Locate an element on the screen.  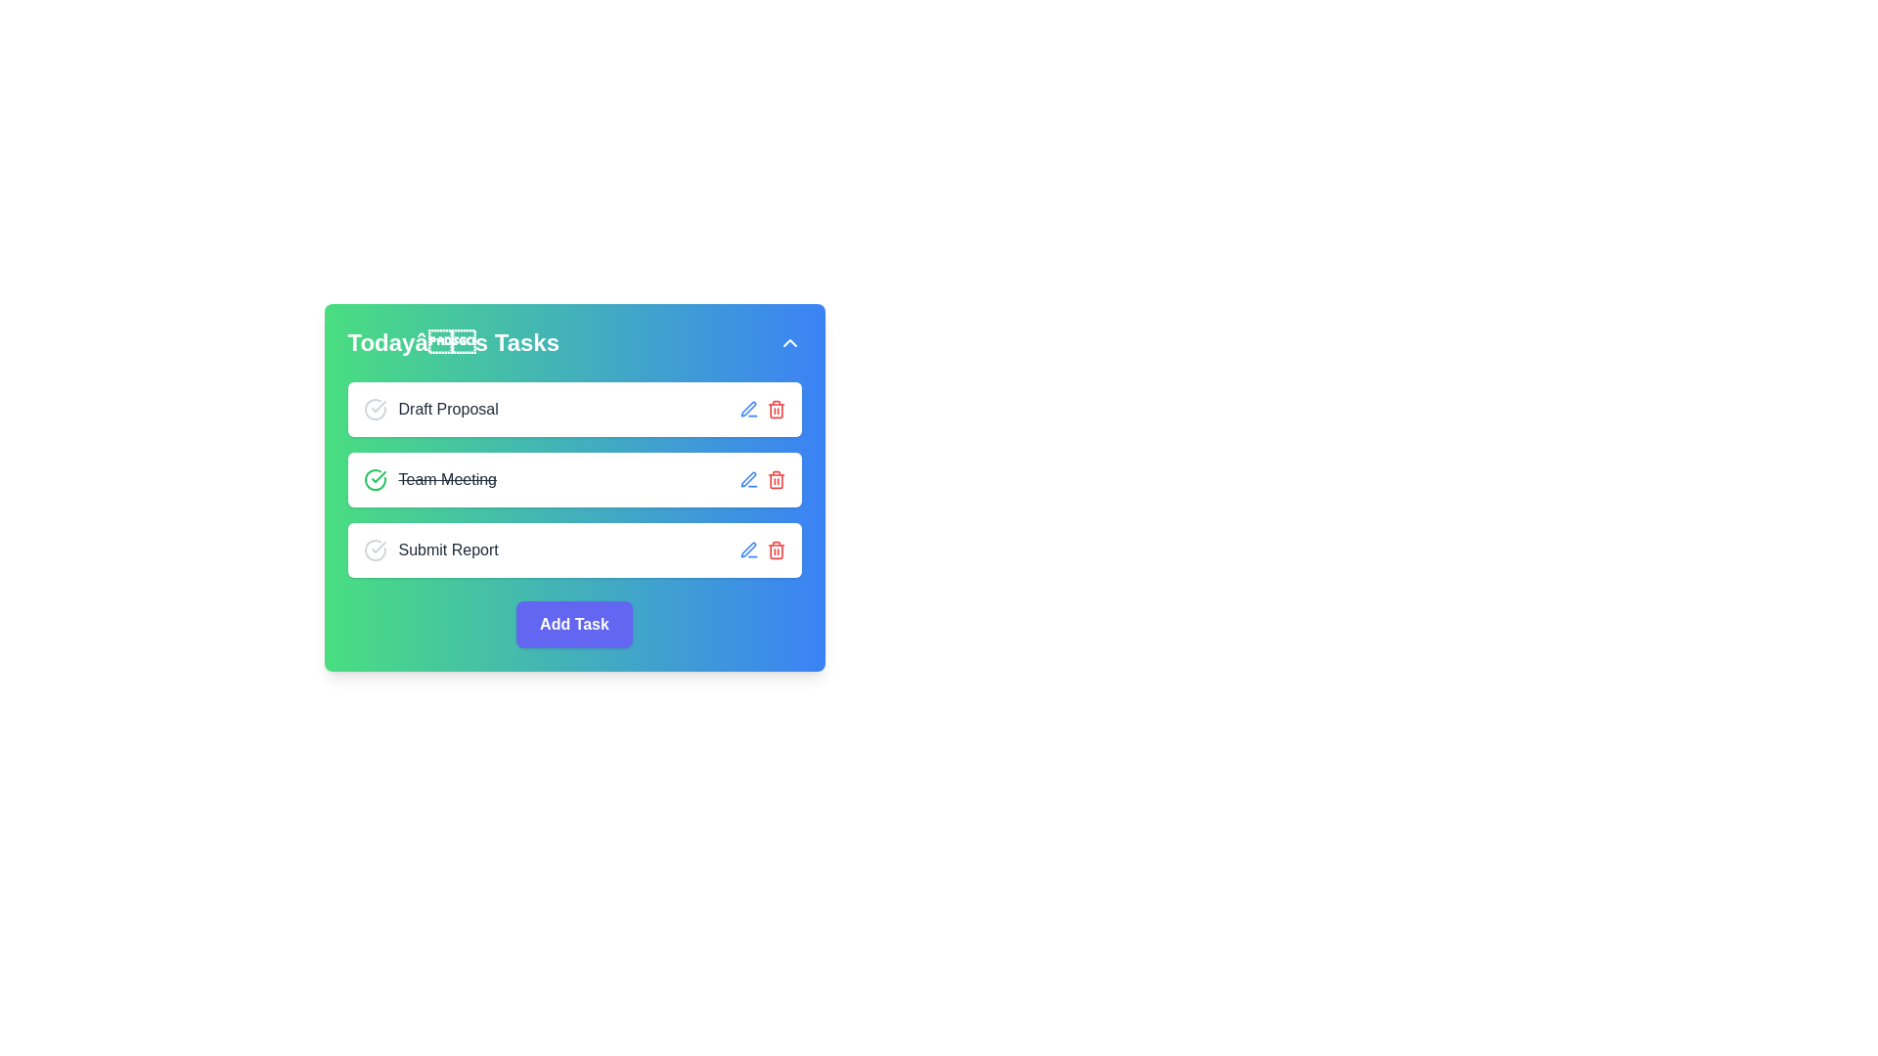
the 'Team Meeting' text label, which is styled with a line-through effect to indicate its completion, located in the second row of the task list interface is located at coordinates (446, 479).